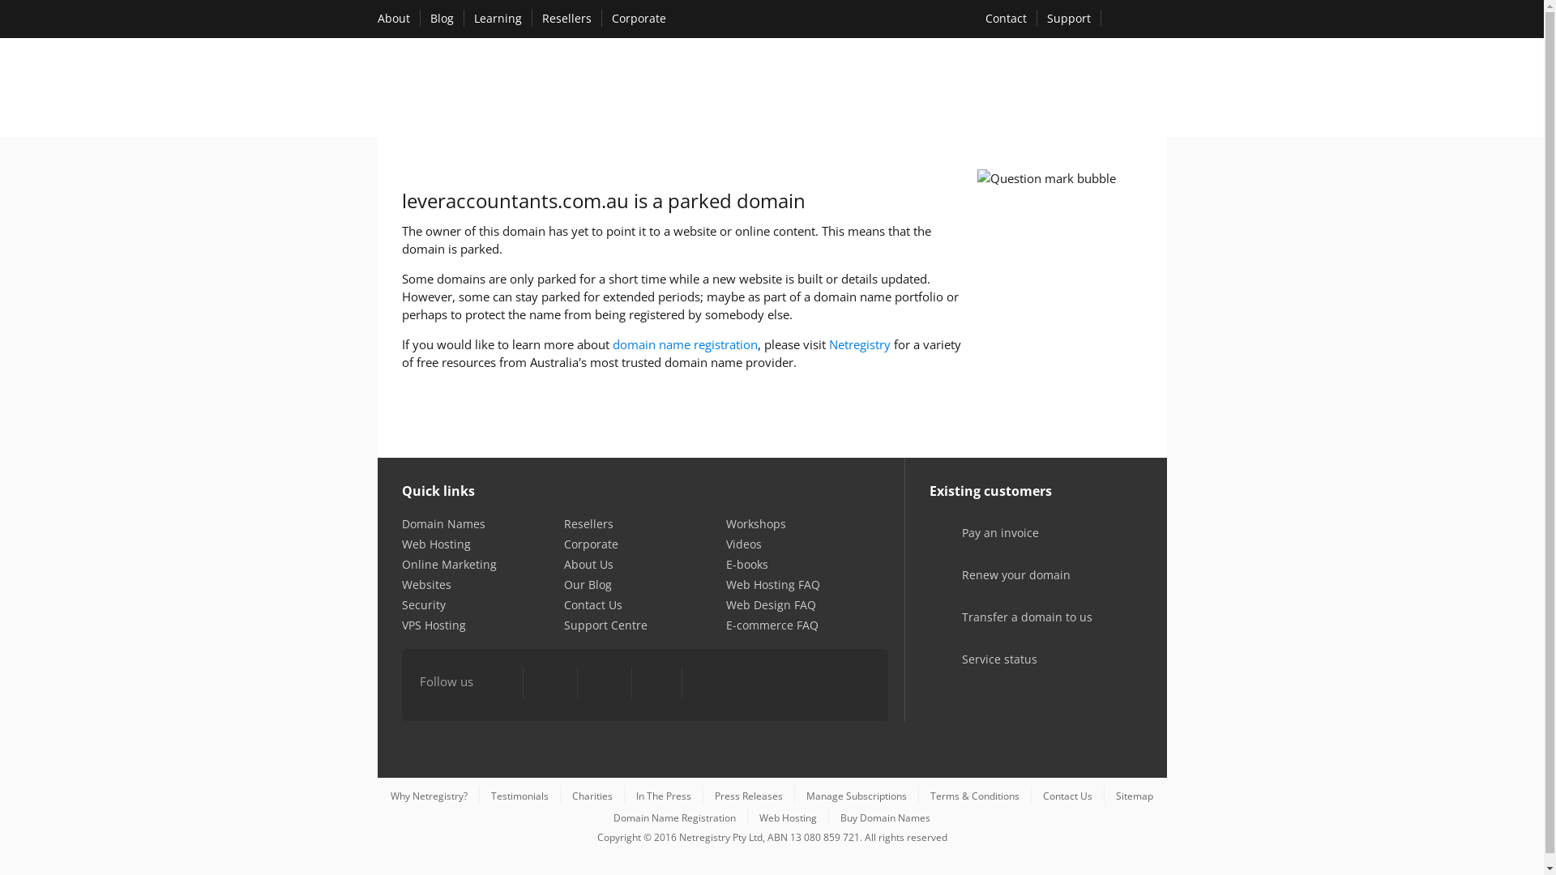 The height and width of the screenshot is (875, 1556). I want to click on 'Web Hosting', so click(401, 544).